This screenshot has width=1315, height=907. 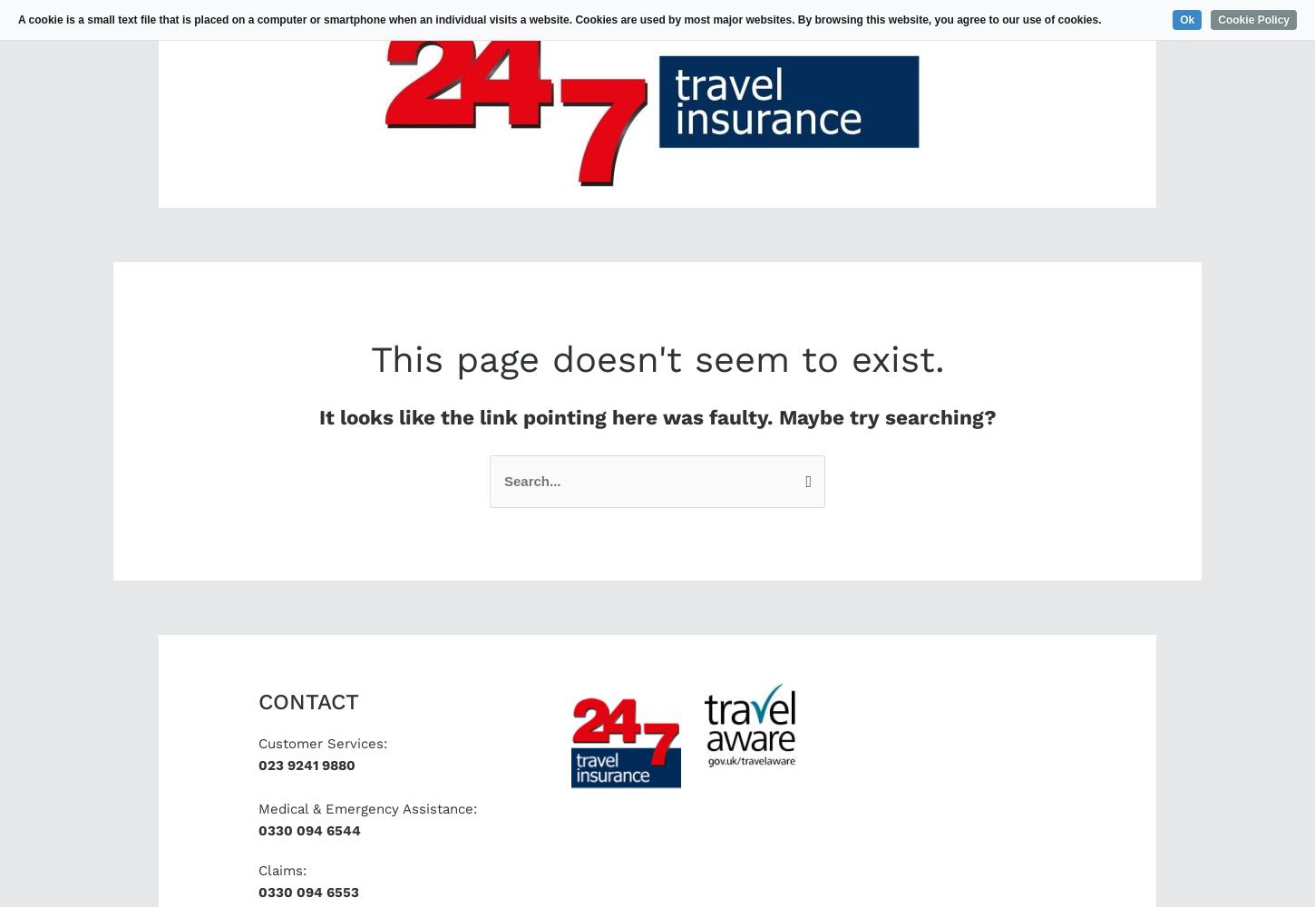 What do you see at coordinates (307, 765) in the screenshot?
I see `'023 9241 9880'` at bounding box center [307, 765].